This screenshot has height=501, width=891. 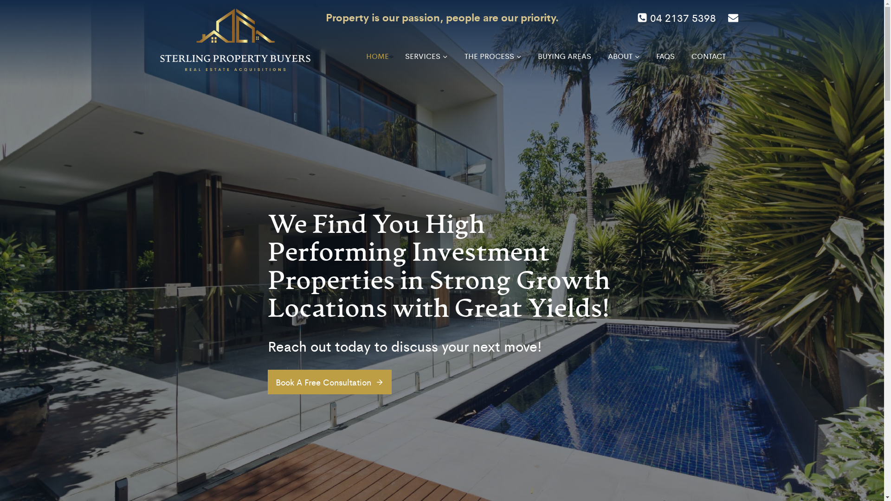 I want to click on 'Book A Free Consultation', so click(x=329, y=382).